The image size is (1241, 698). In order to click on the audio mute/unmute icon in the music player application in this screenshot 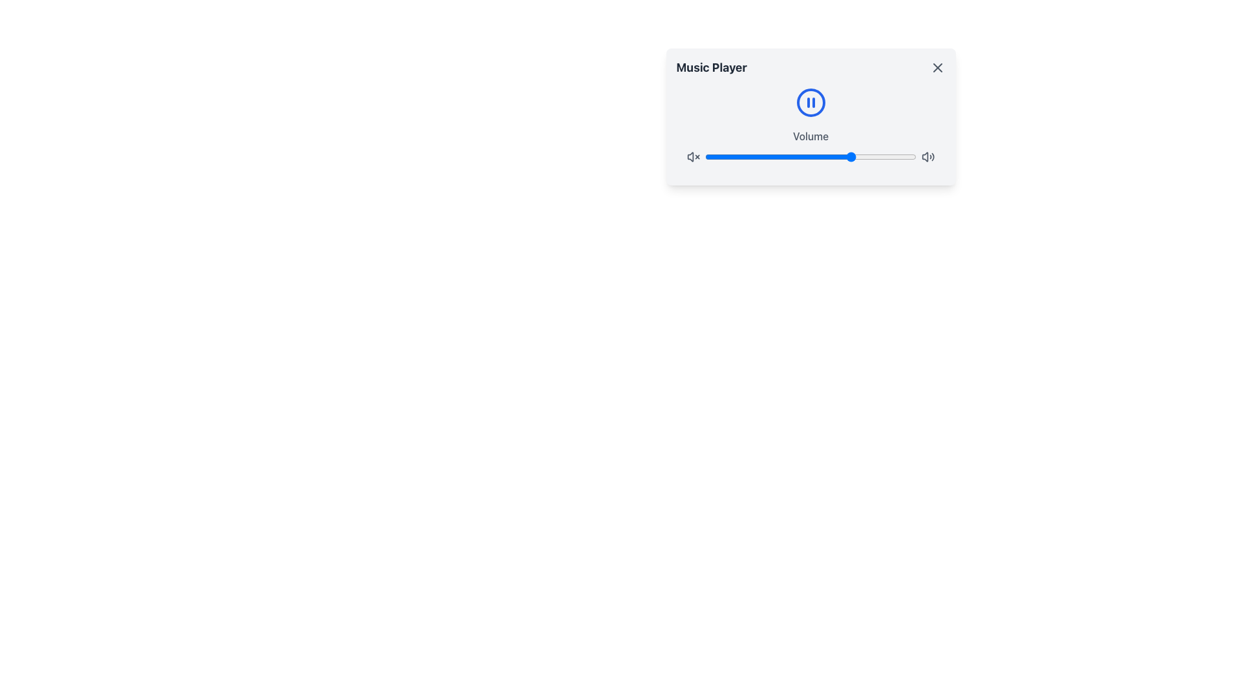, I will do `click(924, 156)`.